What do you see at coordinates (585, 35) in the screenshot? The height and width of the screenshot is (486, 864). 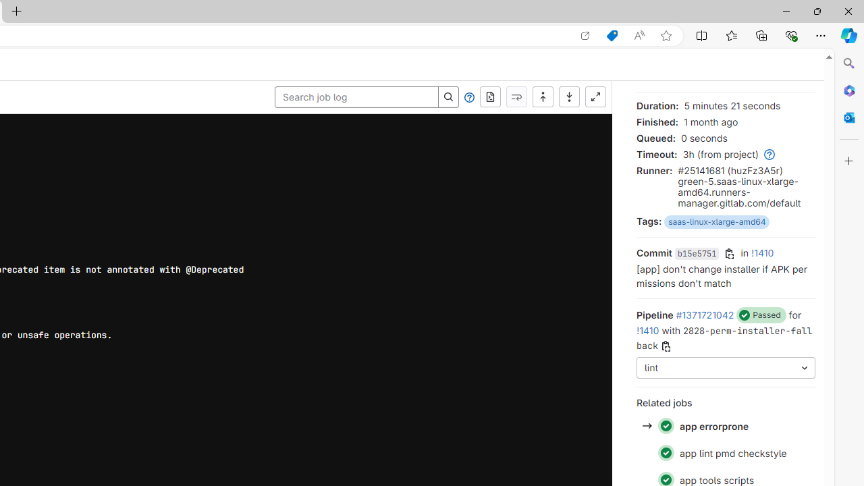 I see `'Open in app'` at bounding box center [585, 35].